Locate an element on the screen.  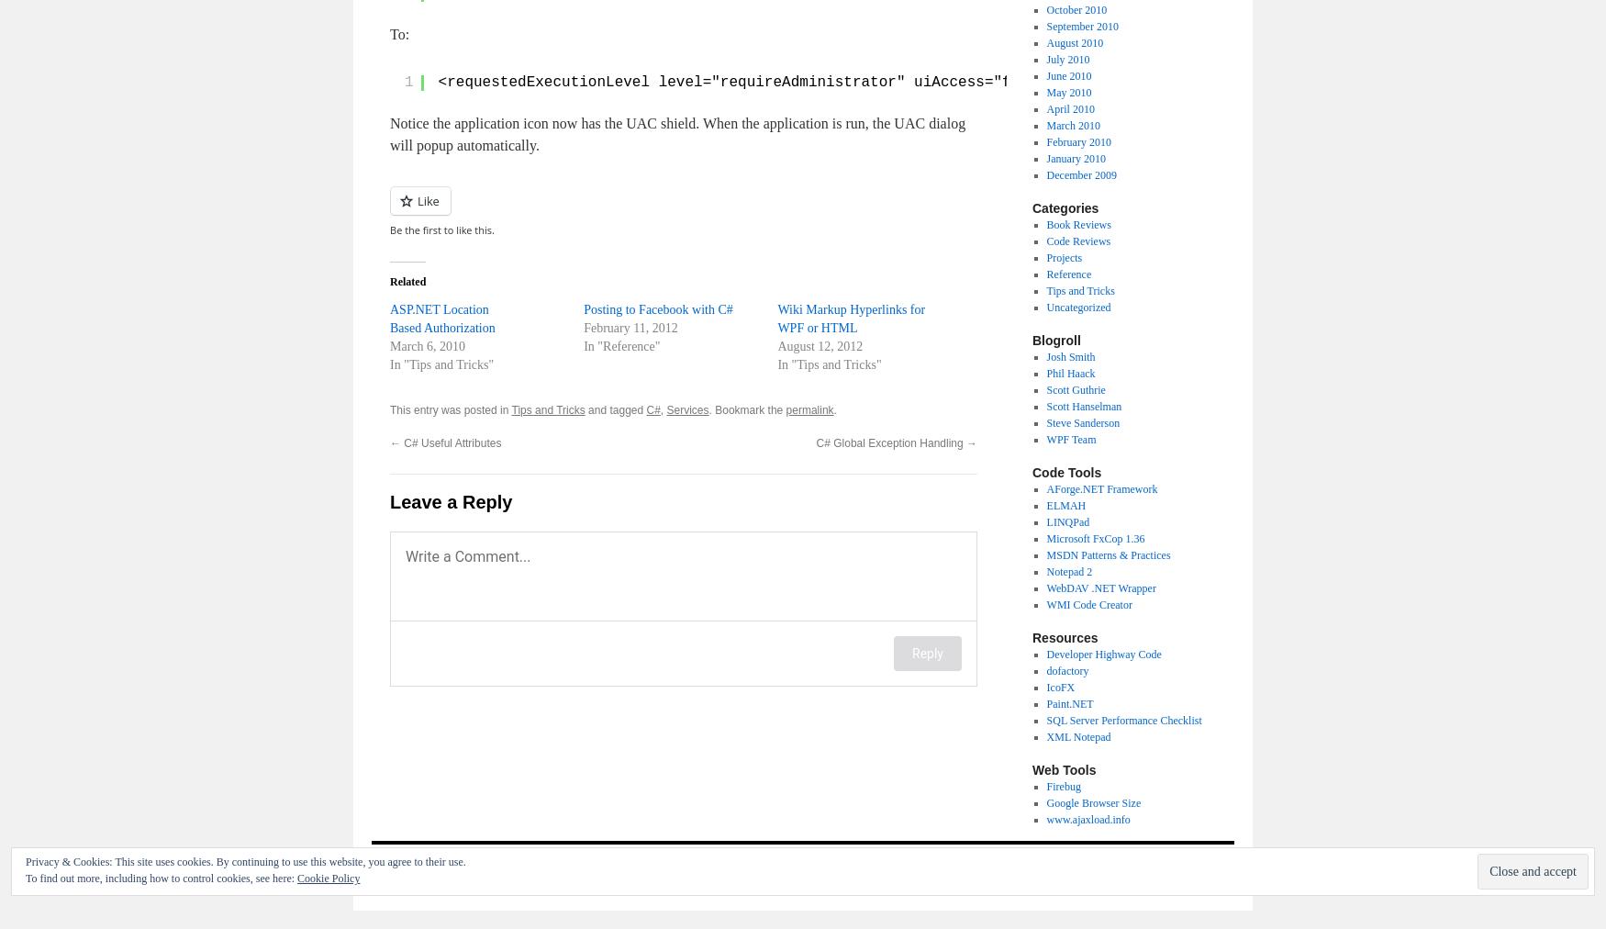
'. Bookmark the' is located at coordinates (745, 410).